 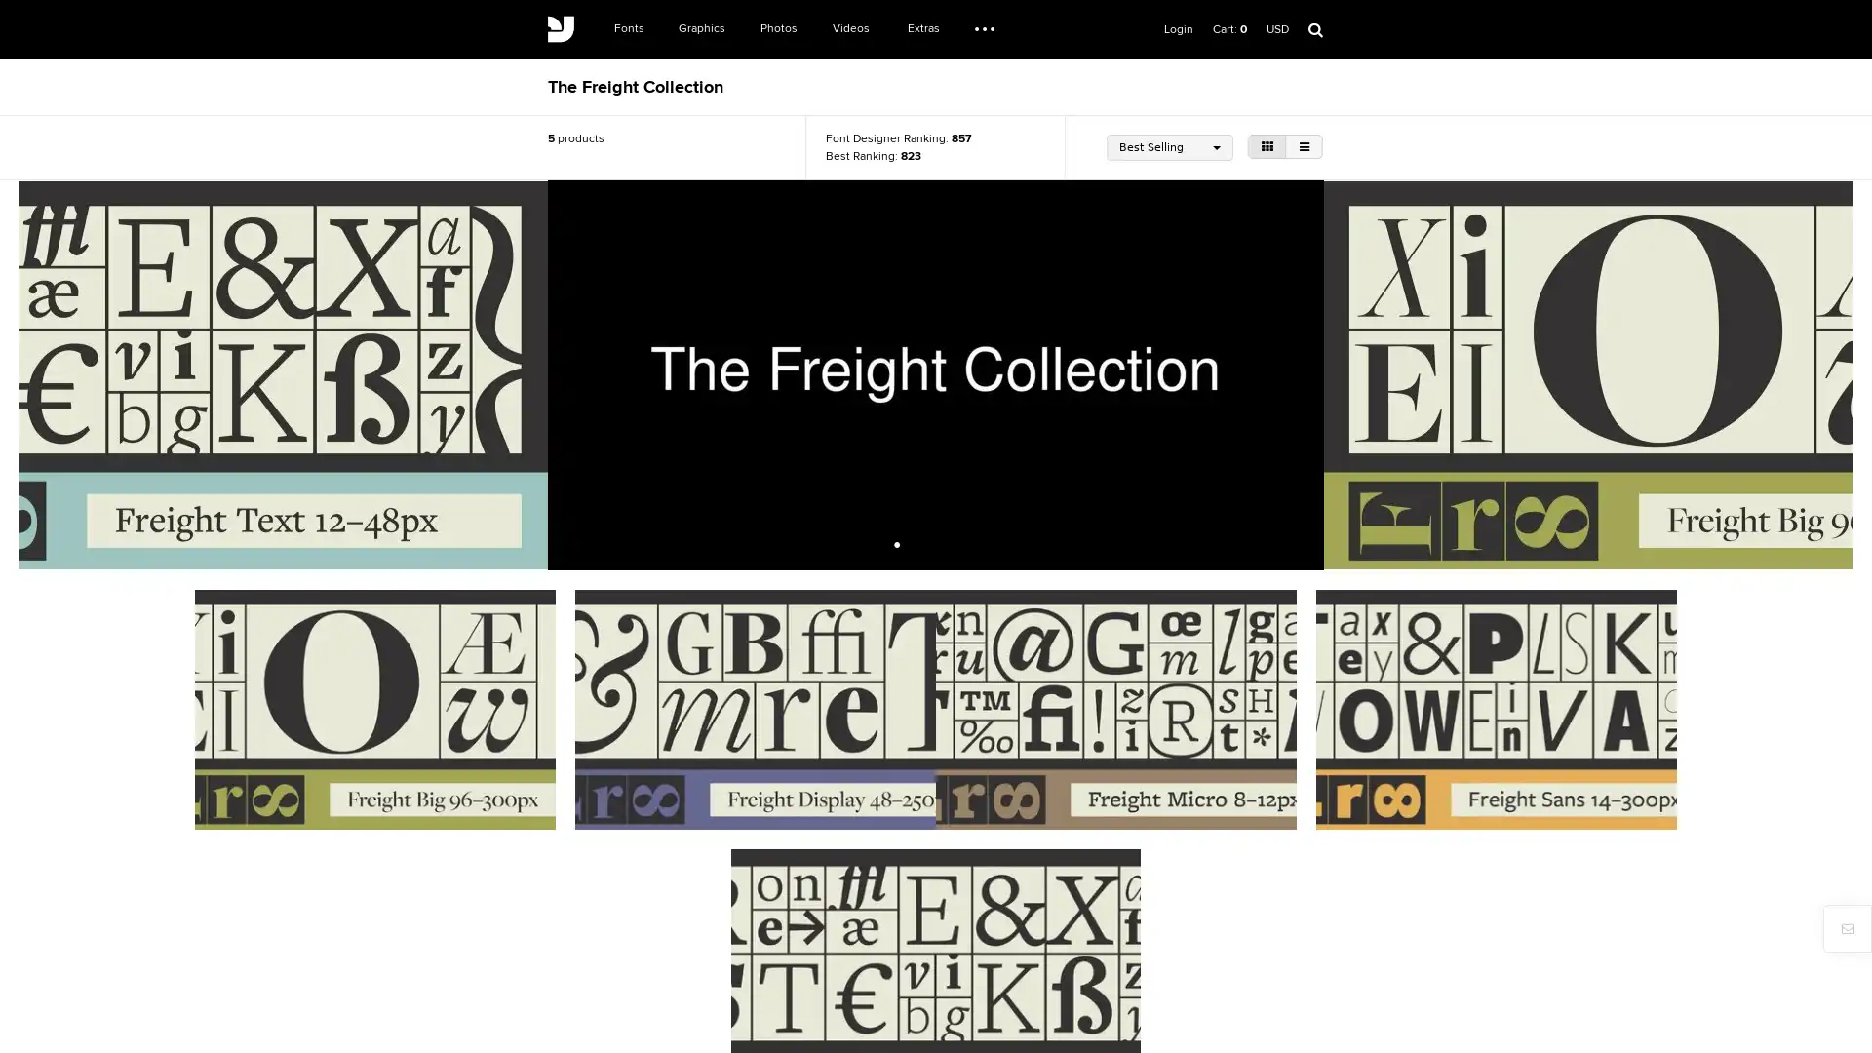 What do you see at coordinates (1140, 1032) in the screenshot?
I see `Register` at bounding box center [1140, 1032].